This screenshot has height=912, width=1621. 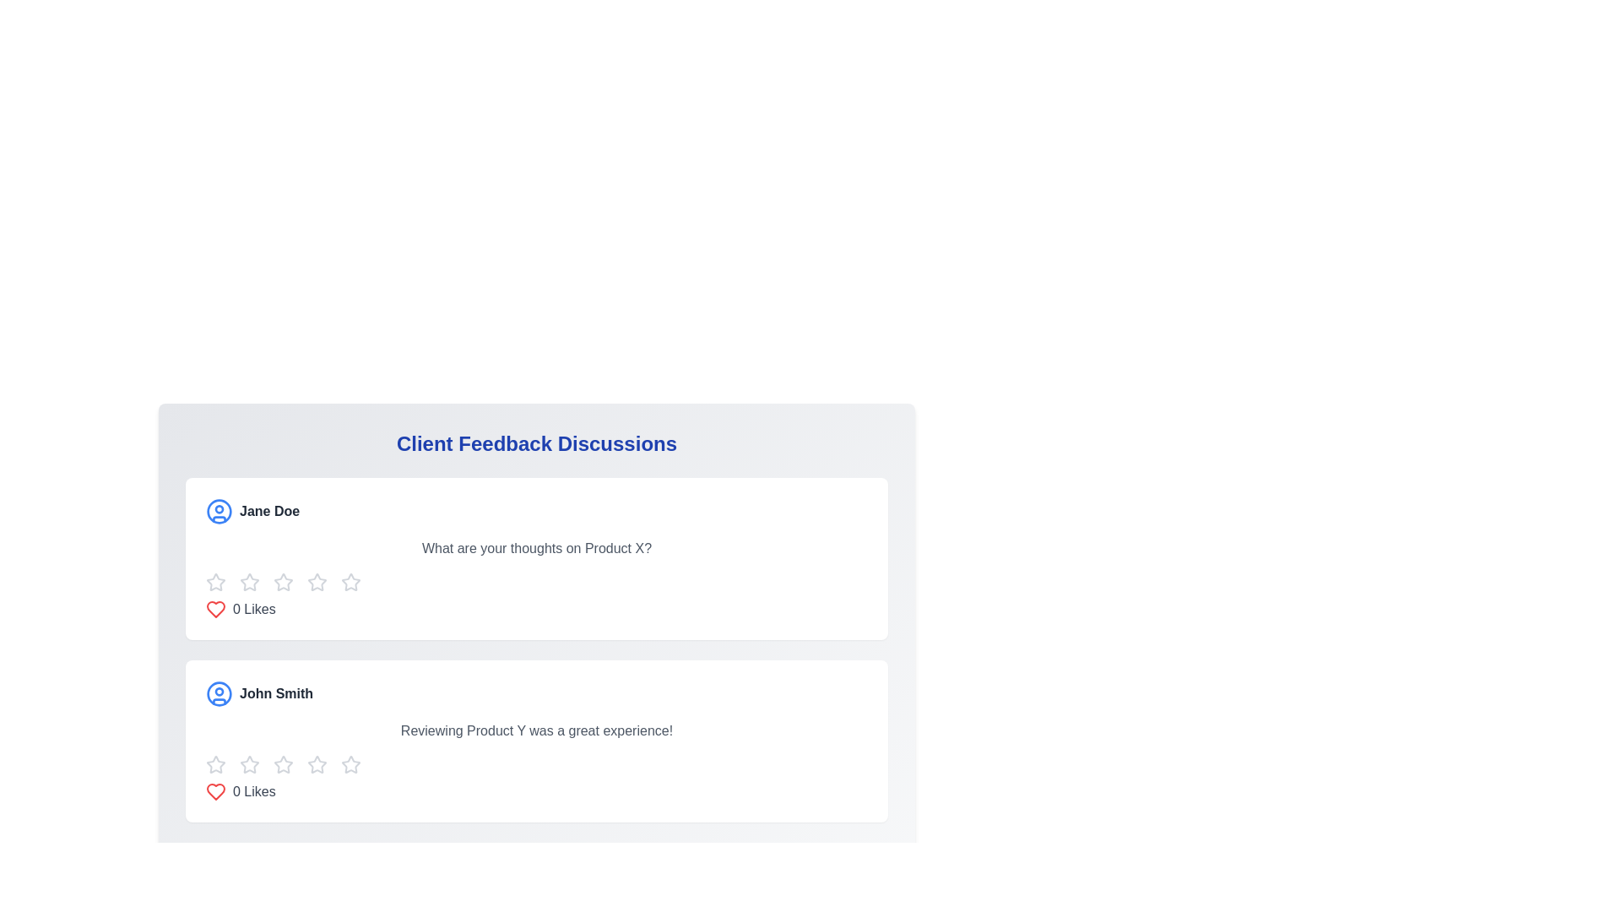 I want to click on the first rating star icon for 'Jane Doe' in the feedback section, so click(x=214, y=581).